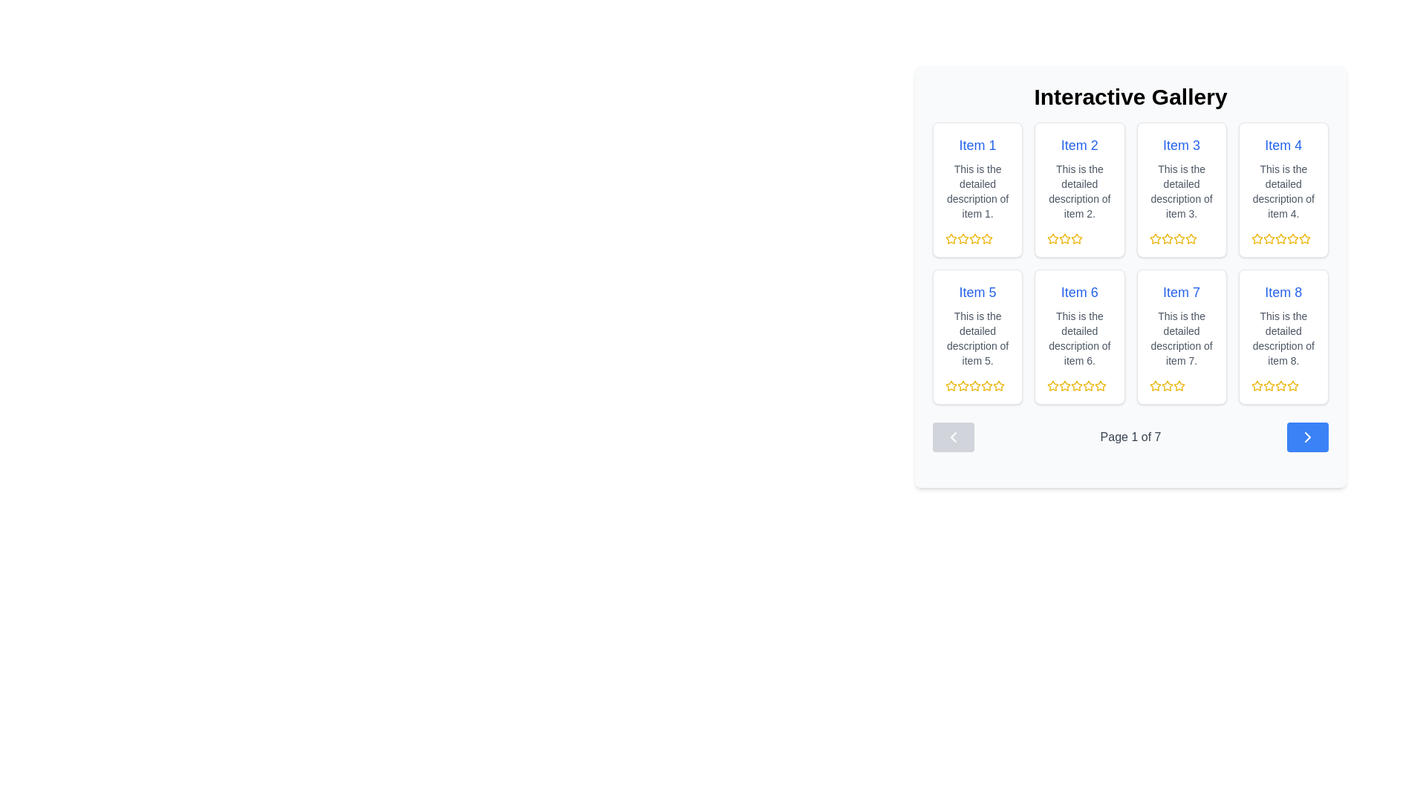  I want to click on the fourth star icon, which is a yellow star symbol with outlined strokes, to rate the item in the 'Interactive Gallery', so click(1256, 238).